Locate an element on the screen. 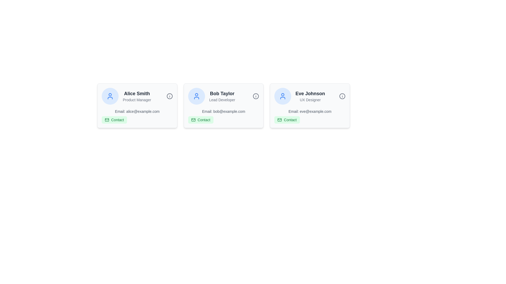 Image resolution: width=506 pixels, height=284 pixels. the 'Contact' button associated with the small green email icon resembling an envelope, which is the leftmost component inside the button for 'Alice Smith' is located at coordinates (107, 120).